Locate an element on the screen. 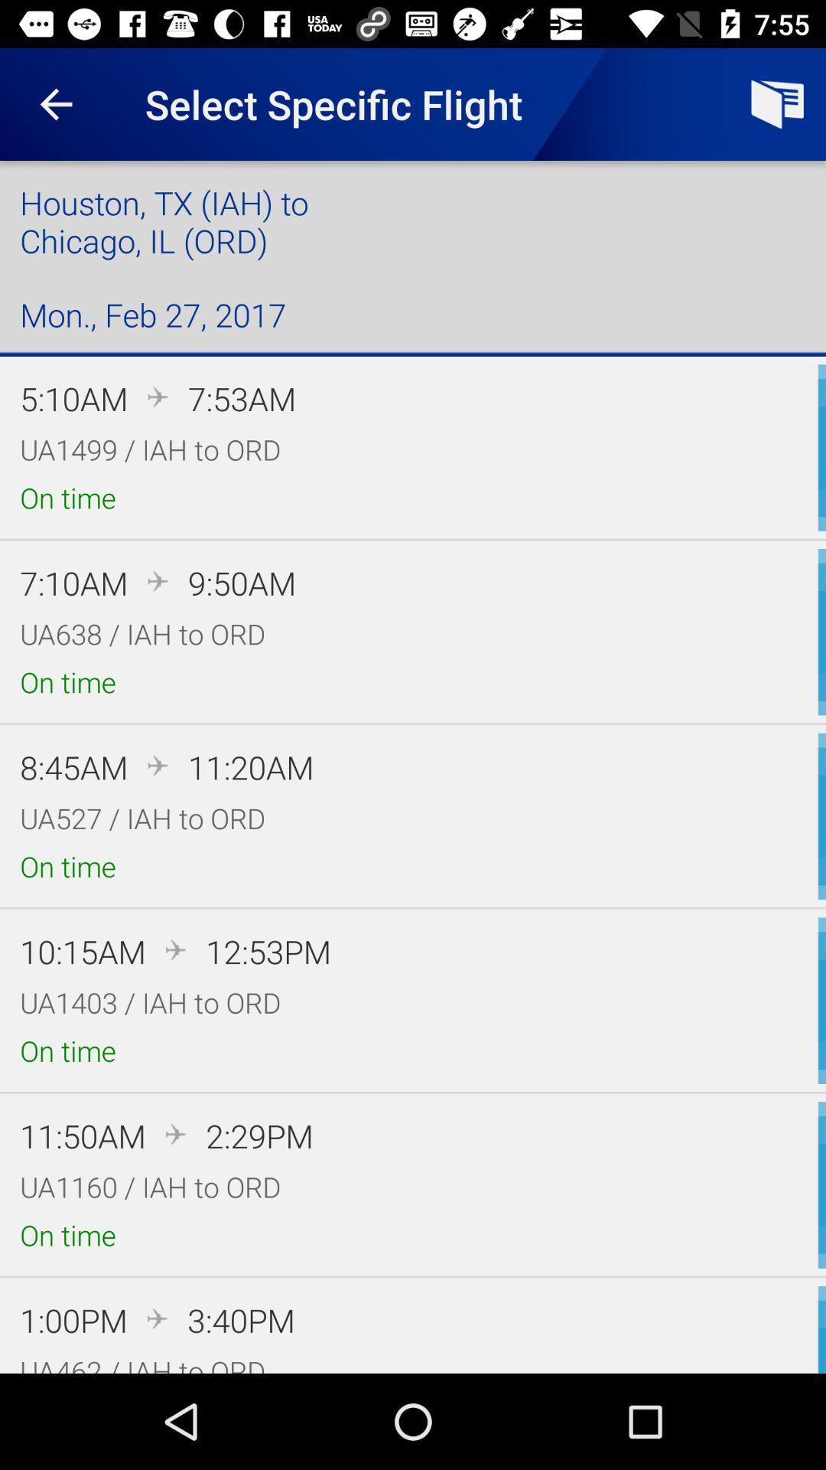 Image resolution: width=826 pixels, height=1470 pixels. the 1:00pm icon is located at coordinates (73, 1319).